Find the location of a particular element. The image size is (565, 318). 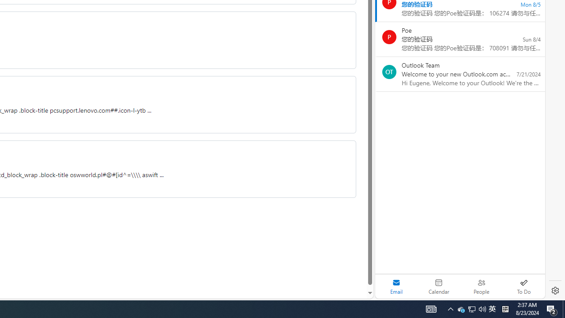

'Calendar. Date today is 22' is located at coordinates (439, 286).